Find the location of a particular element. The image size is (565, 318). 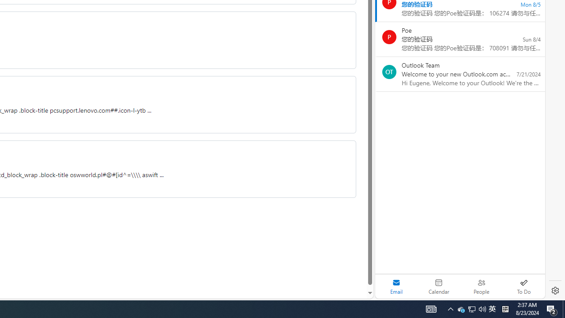

'Calendar. Date today is 22' is located at coordinates (439, 286).